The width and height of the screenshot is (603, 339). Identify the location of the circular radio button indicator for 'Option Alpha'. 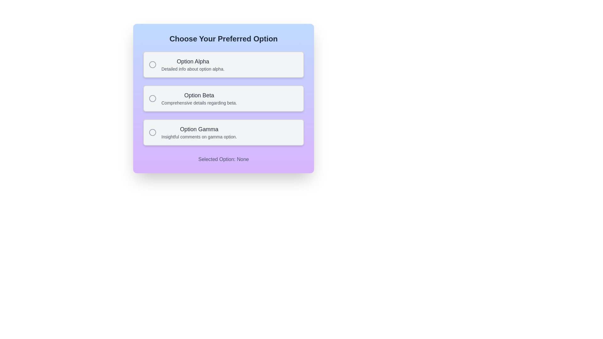
(152, 64).